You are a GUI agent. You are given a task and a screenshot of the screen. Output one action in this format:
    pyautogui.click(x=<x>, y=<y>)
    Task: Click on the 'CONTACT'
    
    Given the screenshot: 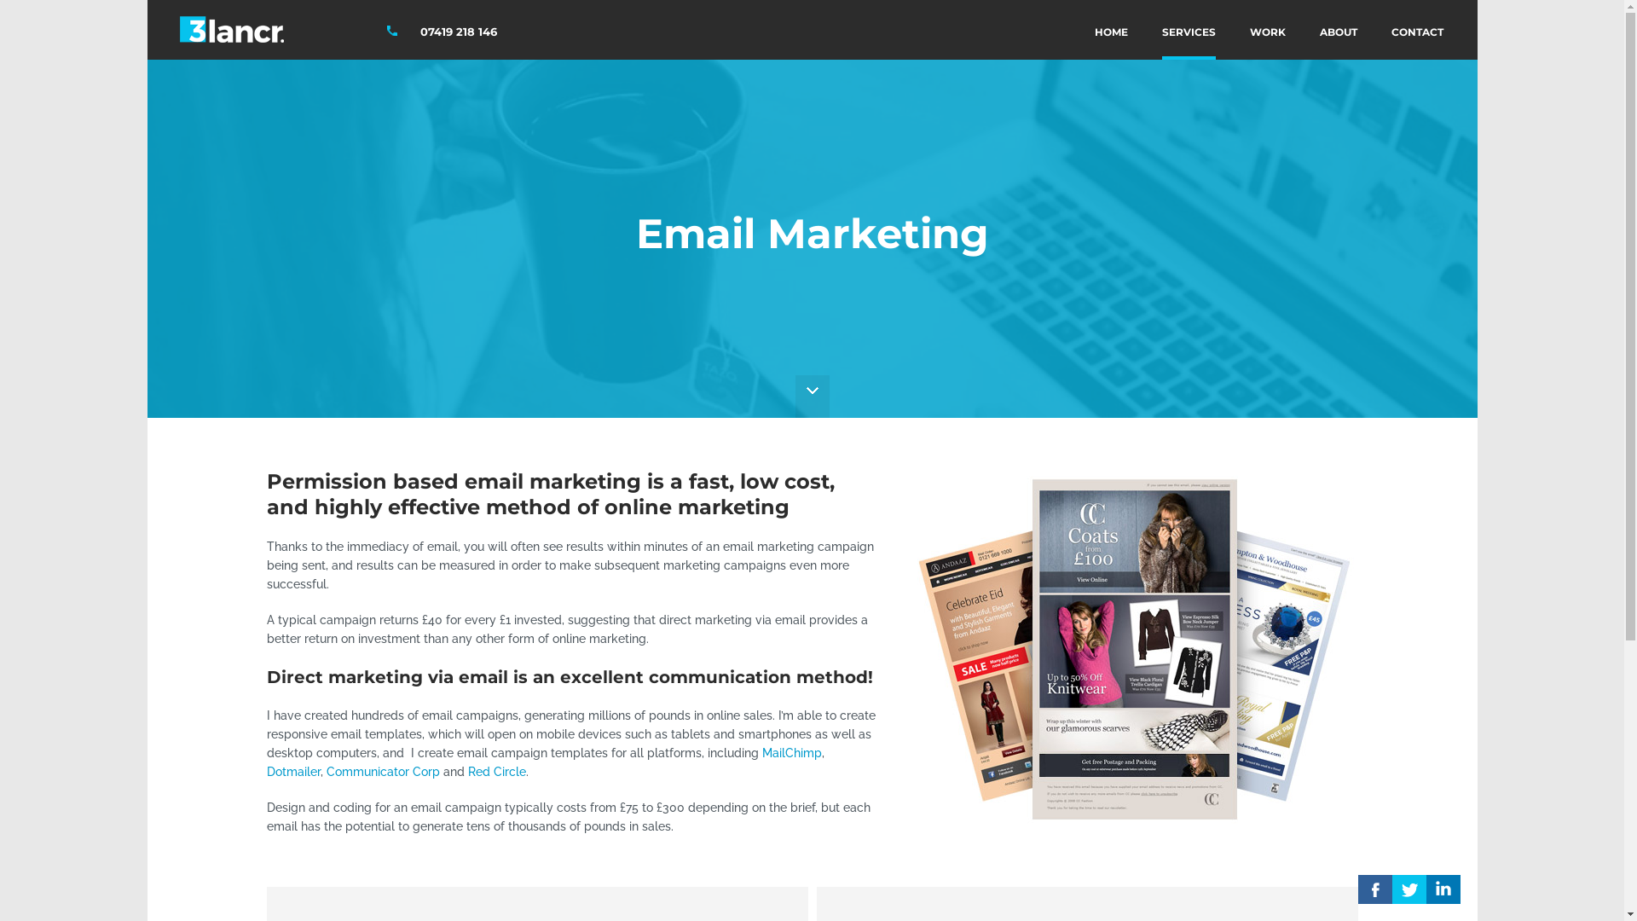 What is the action you would take?
    pyautogui.click(x=1417, y=29)
    